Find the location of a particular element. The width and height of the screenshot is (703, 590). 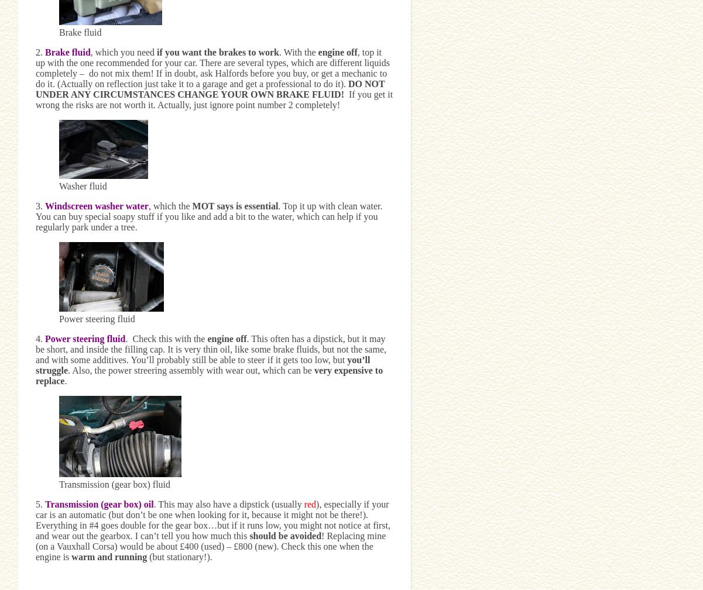

', which you need' is located at coordinates (123, 51).